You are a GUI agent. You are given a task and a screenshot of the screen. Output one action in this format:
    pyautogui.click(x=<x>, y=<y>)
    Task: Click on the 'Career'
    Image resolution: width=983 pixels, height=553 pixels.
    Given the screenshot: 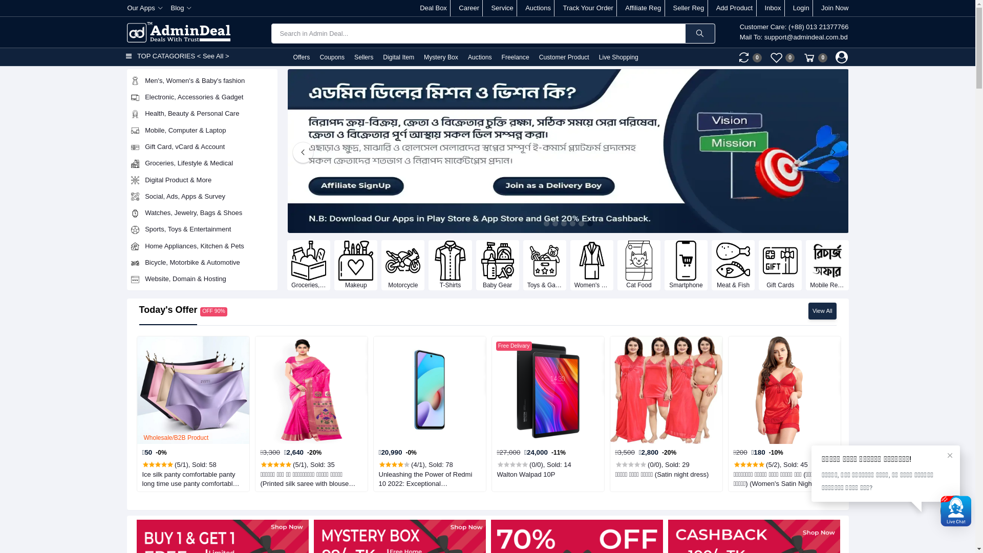 What is the action you would take?
    pyautogui.click(x=468, y=8)
    